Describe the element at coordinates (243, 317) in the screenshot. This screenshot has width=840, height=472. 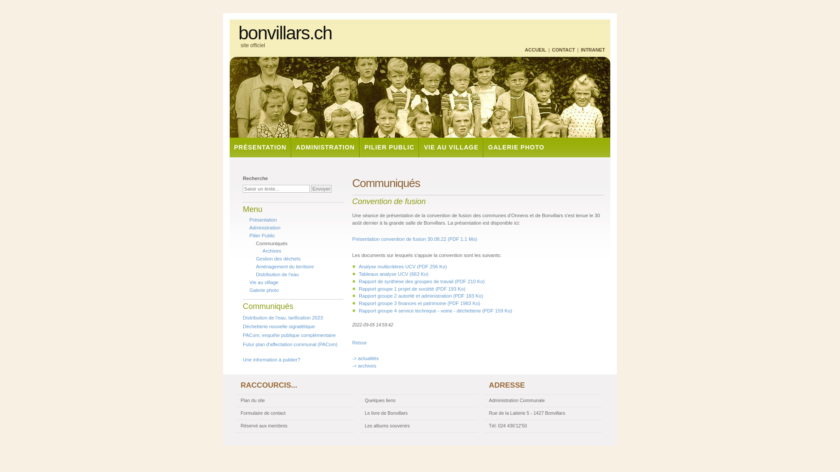
I see `'Distribution de l'eau, tarification 2023'` at that location.